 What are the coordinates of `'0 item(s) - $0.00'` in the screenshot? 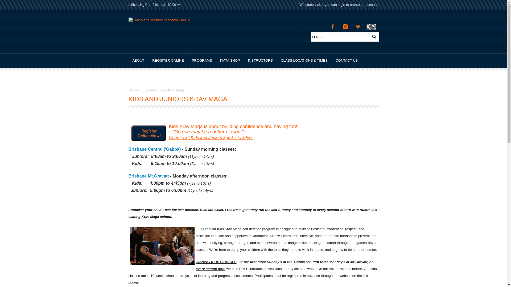 It's located at (166, 5).